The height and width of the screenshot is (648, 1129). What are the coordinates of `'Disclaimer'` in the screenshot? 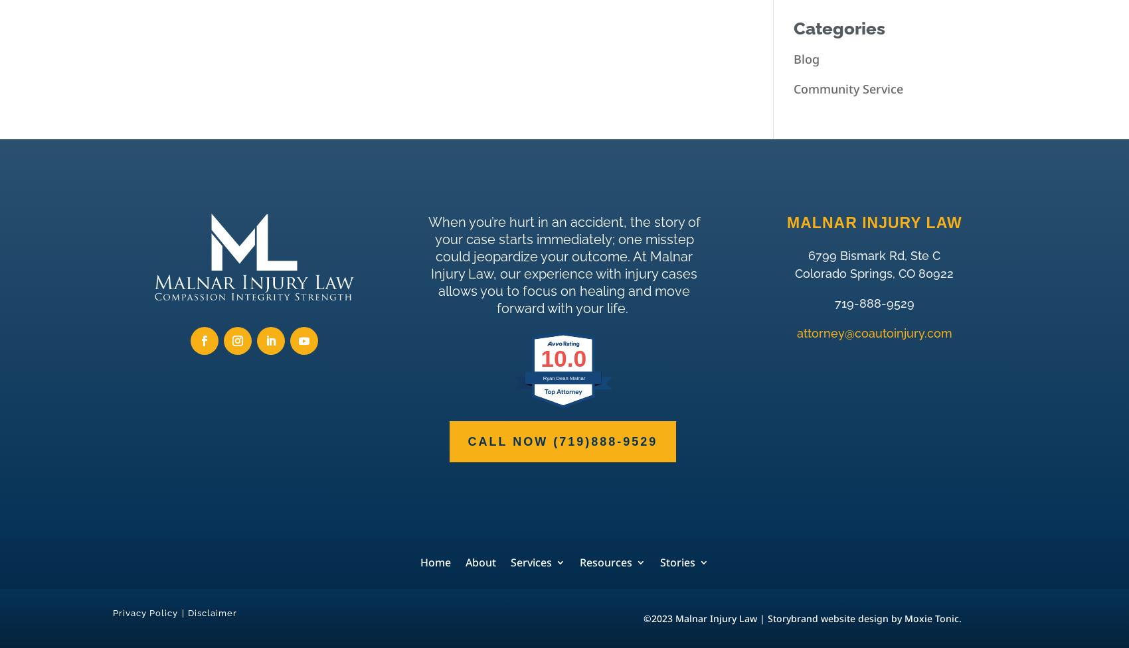 It's located at (188, 612).